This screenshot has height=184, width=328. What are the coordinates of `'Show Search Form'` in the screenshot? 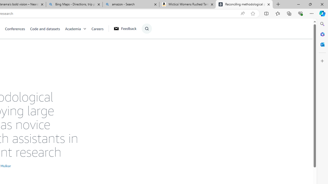 It's located at (146, 28).